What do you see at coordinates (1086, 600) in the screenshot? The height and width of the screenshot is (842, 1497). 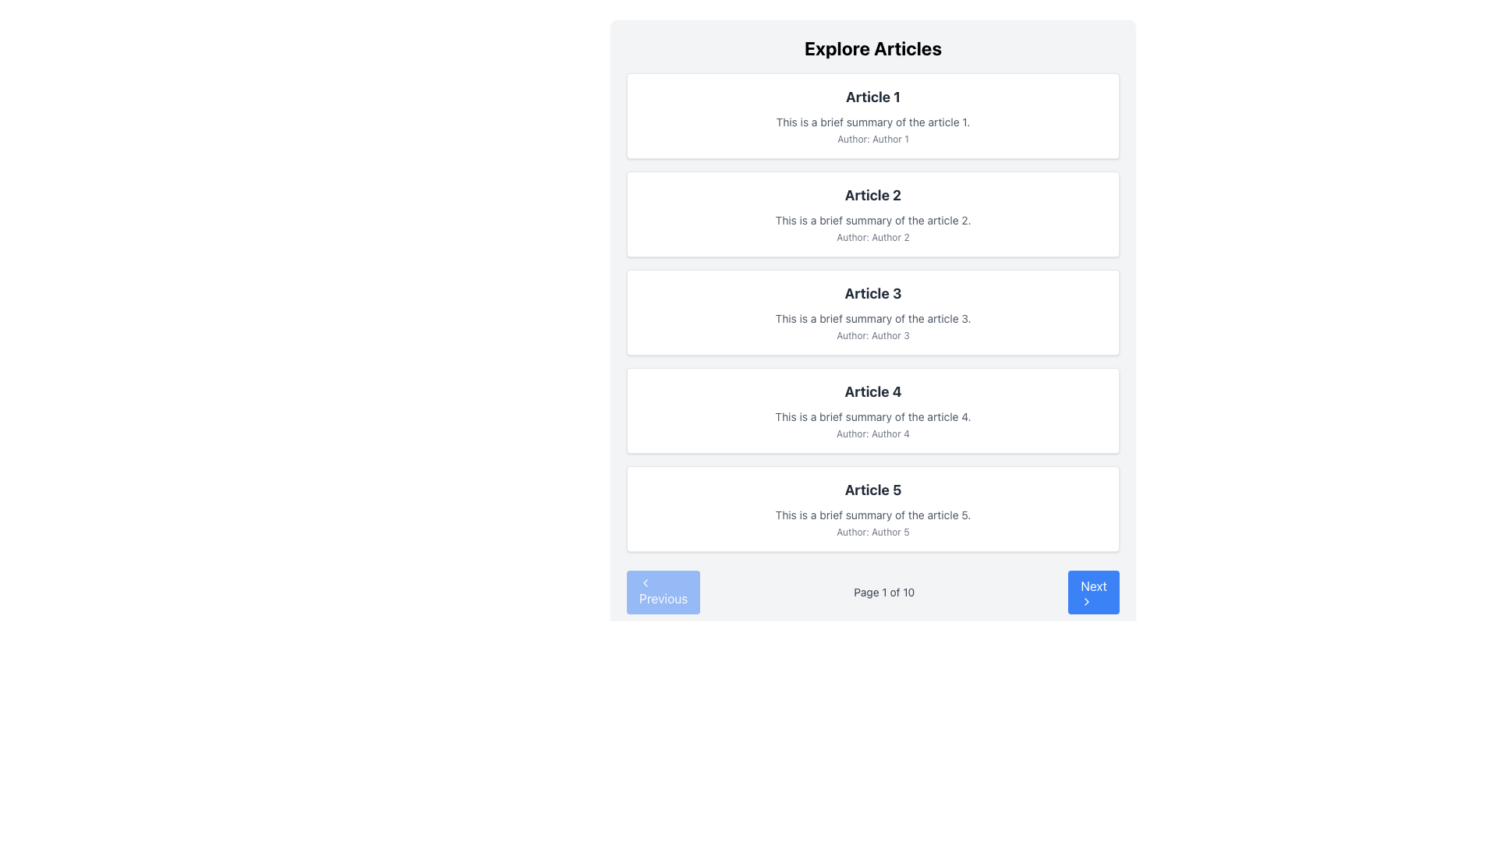 I see `the right-facing chevron icon within the blue 'Next' button located in the bottom-right corner of the interface` at bounding box center [1086, 600].